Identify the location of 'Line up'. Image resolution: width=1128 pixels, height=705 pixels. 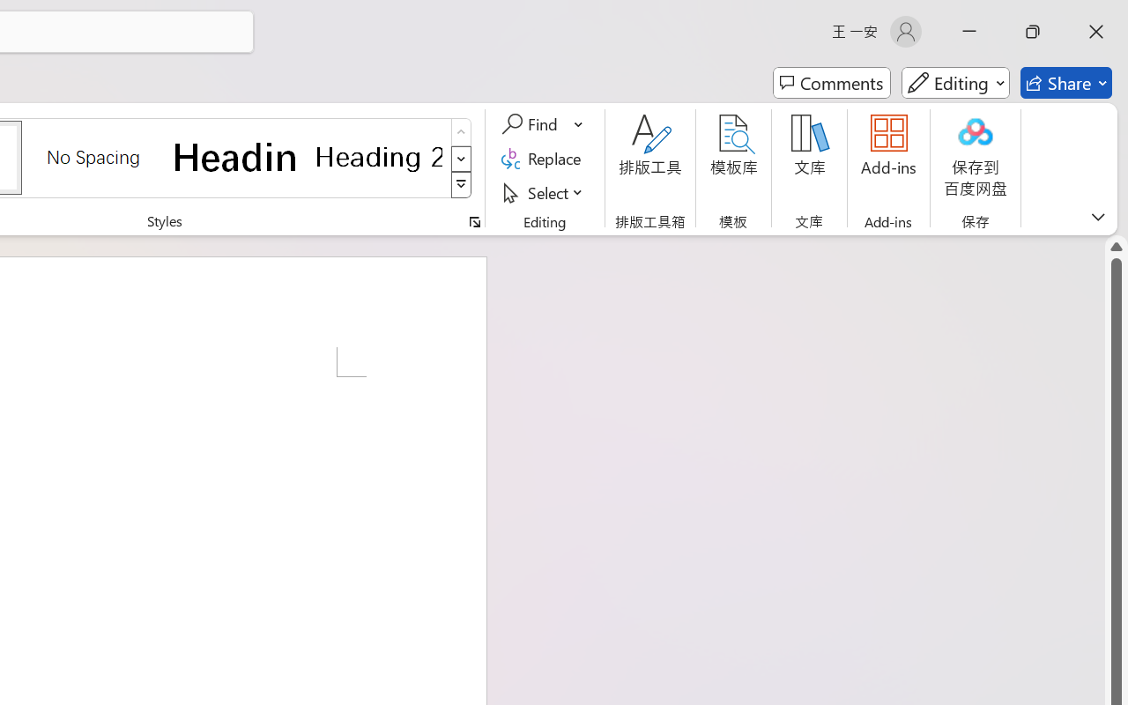
(1116, 247).